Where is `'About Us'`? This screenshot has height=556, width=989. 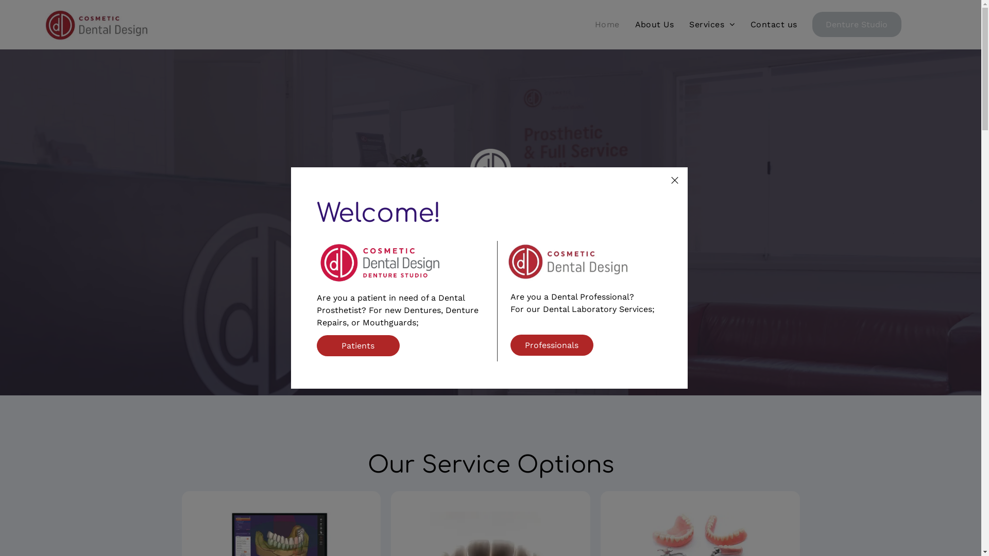
'About Us' is located at coordinates (654, 24).